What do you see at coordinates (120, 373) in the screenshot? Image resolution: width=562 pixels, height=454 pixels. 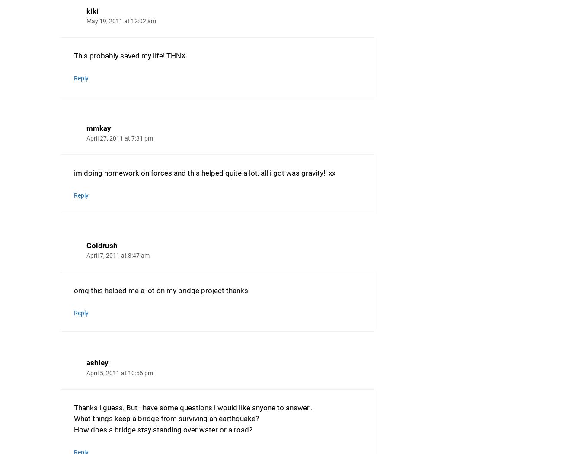 I see `'April 5, 2011 at 10:56 pm'` at bounding box center [120, 373].